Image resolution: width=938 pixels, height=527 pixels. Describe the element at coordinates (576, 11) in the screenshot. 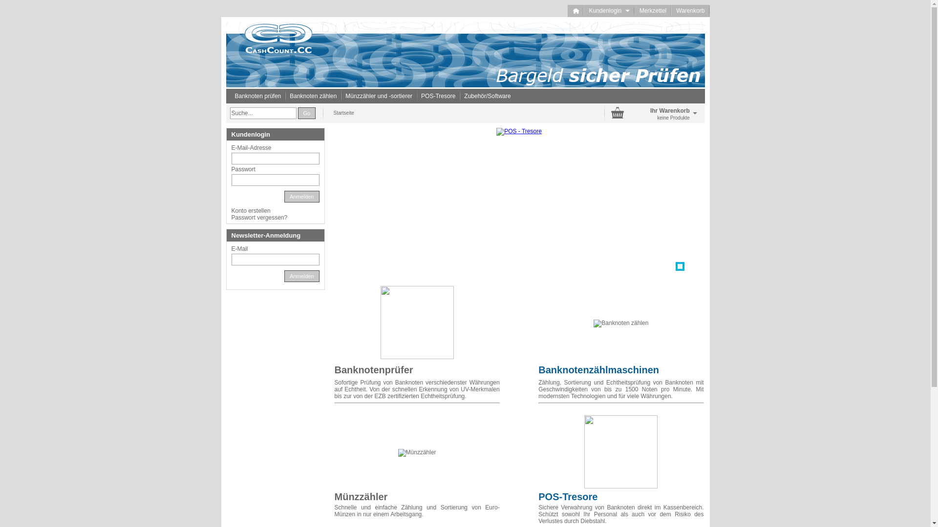

I see `'Startseite anzeigen'` at that location.